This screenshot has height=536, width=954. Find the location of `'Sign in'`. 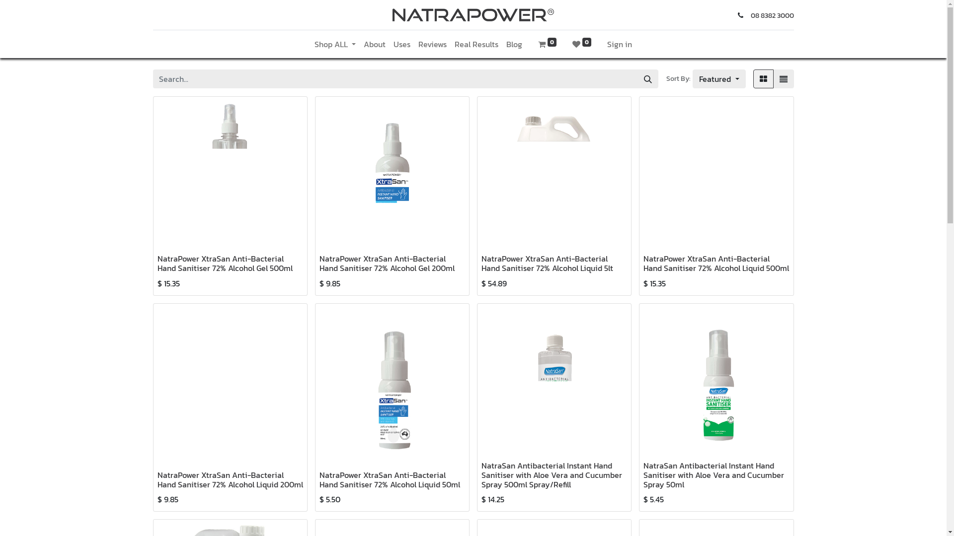

'Sign in' is located at coordinates (619, 43).